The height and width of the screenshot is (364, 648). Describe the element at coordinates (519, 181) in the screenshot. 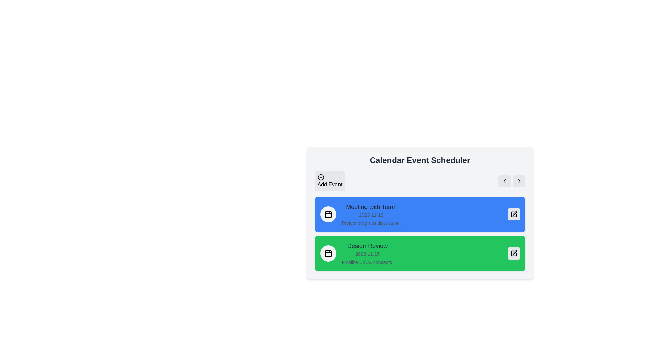

I see `the rightmost button in the horizontal layout at the top-right corner of the 'Calendar Event Scheduler'` at that location.